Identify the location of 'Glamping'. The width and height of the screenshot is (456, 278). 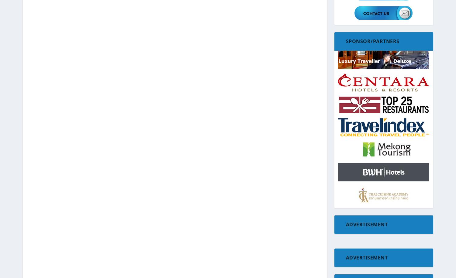
(348, 170).